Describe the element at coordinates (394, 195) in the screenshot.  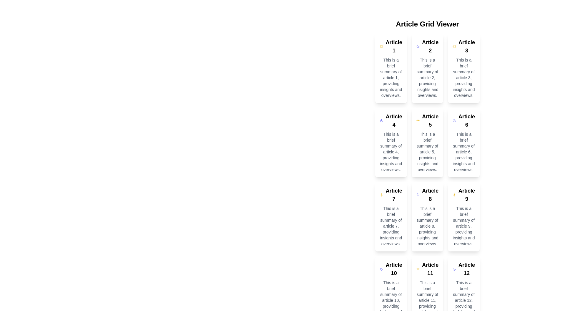
I see `the text node displaying 'Article 7' in the top row of the third column of the 'Article Grid Viewer'` at that location.